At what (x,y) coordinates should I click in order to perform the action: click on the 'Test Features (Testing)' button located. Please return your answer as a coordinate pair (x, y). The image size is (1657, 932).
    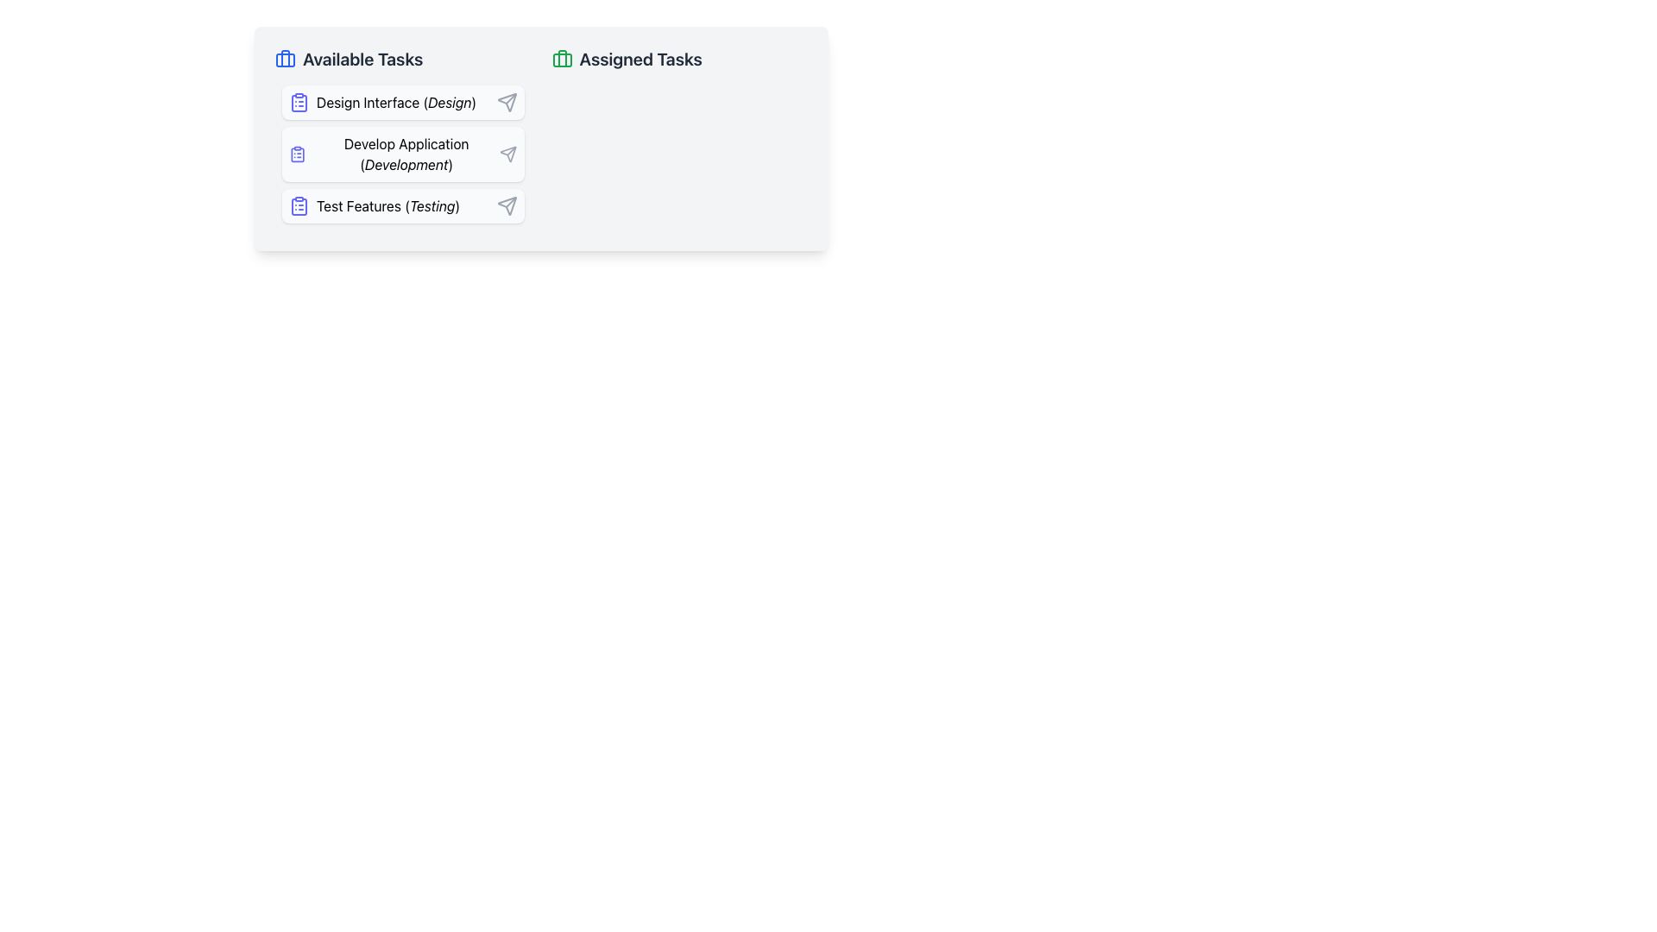
    Looking at the image, I should click on (373, 205).